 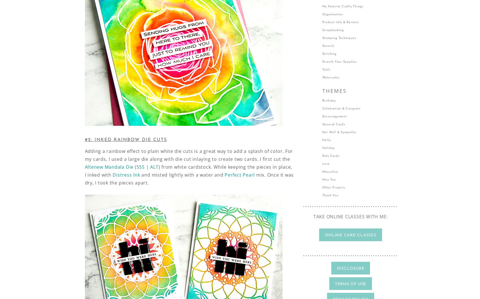 What do you see at coordinates (85, 167) in the screenshot?
I see `'Altenew Mandala Die'` at bounding box center [85, 167].